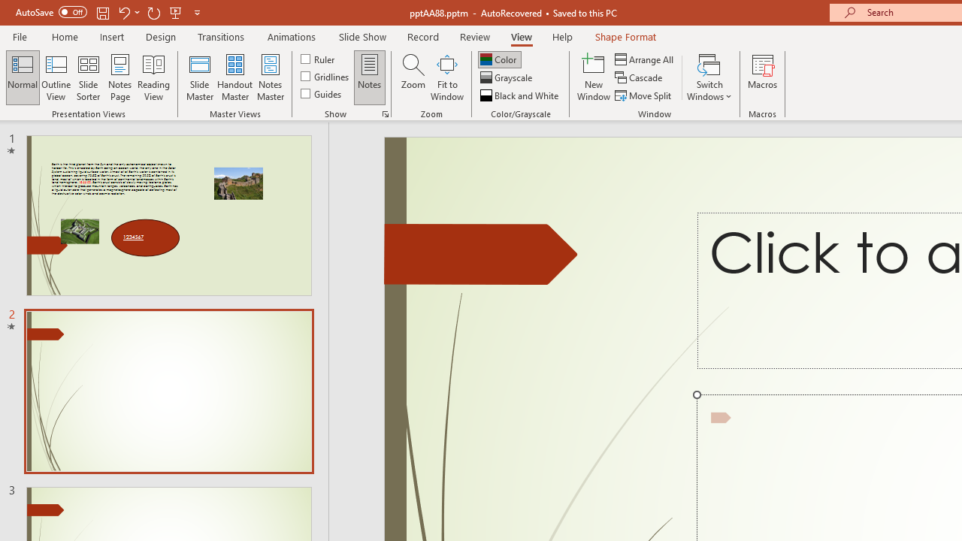 The width and height of the screenshot is (962, 541). What do you see at coordinates (446, 77) in the screenshot?
I see `'Fit to Window'` at bounding box center [446, 77].